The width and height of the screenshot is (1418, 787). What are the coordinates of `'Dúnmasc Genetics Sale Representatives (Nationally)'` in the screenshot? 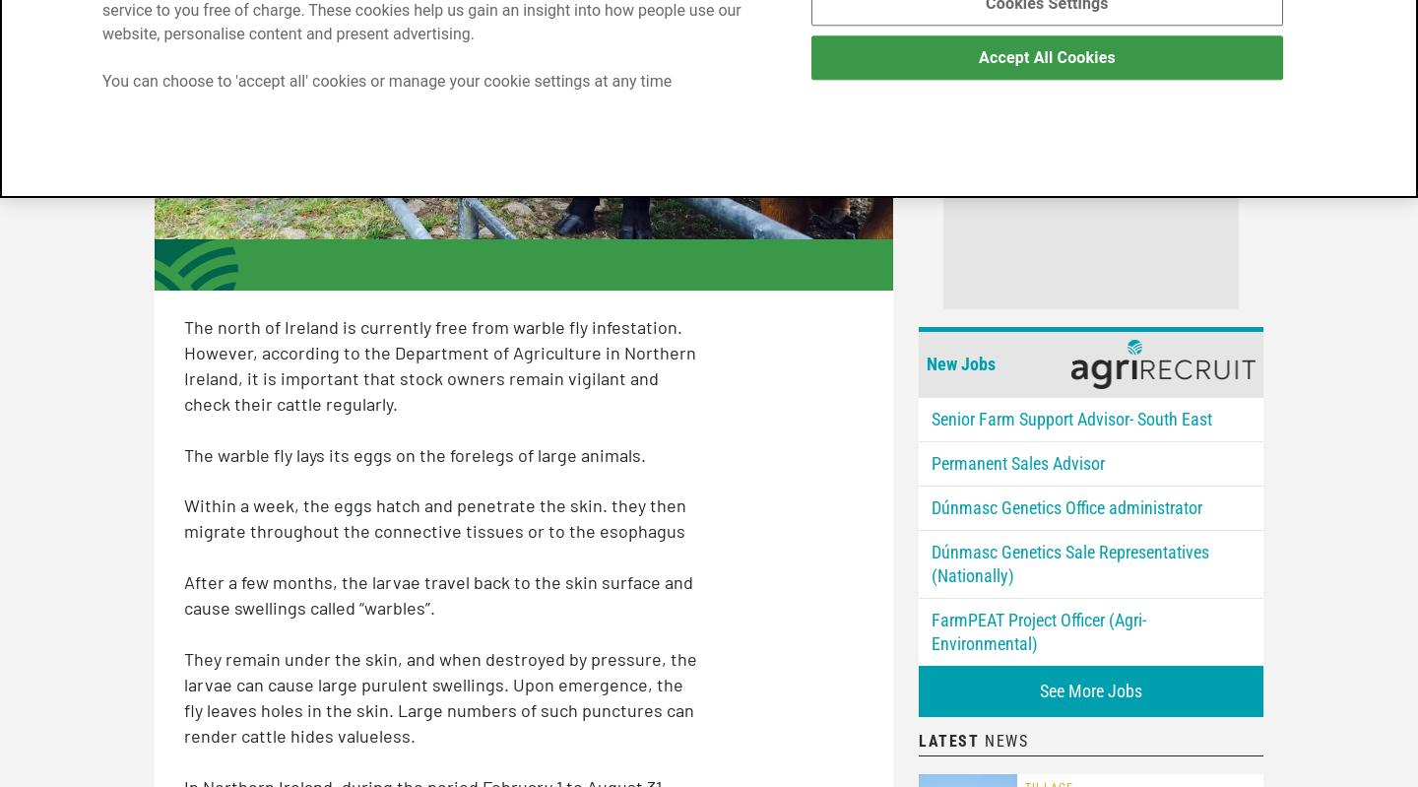 It's located at (1069, 562).